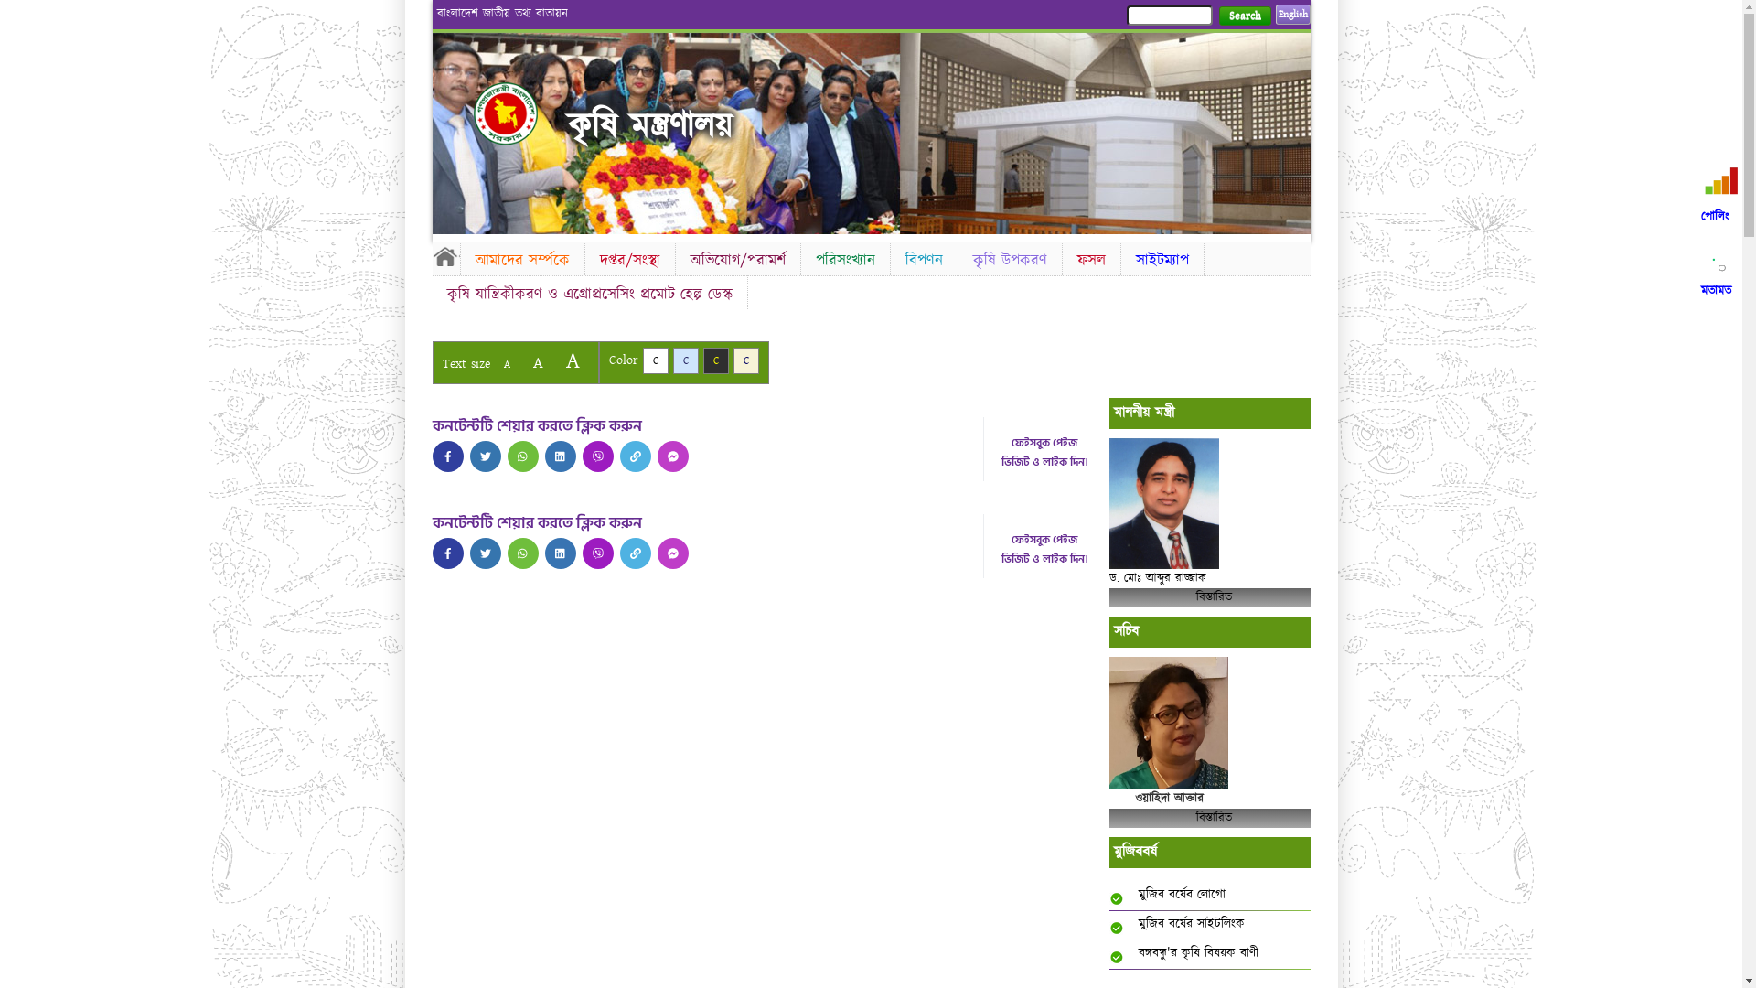 The height and width of the screenshot is (988, 1756). What do you see at coordinates (444, 256) in the screenshot?
I see `'Home'` at bounding box center [444, 256].